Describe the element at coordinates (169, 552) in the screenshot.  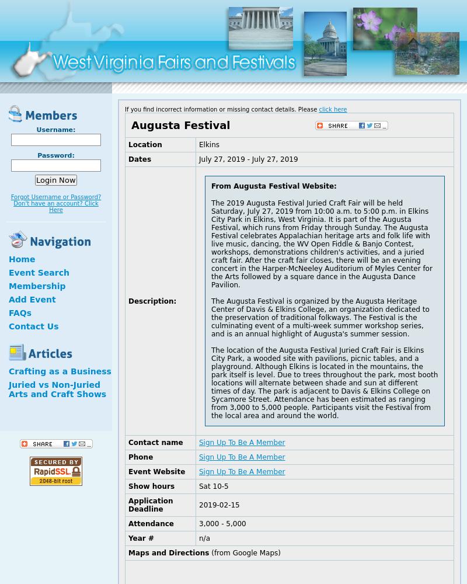
I see `'Maps and Directions'` at that location.